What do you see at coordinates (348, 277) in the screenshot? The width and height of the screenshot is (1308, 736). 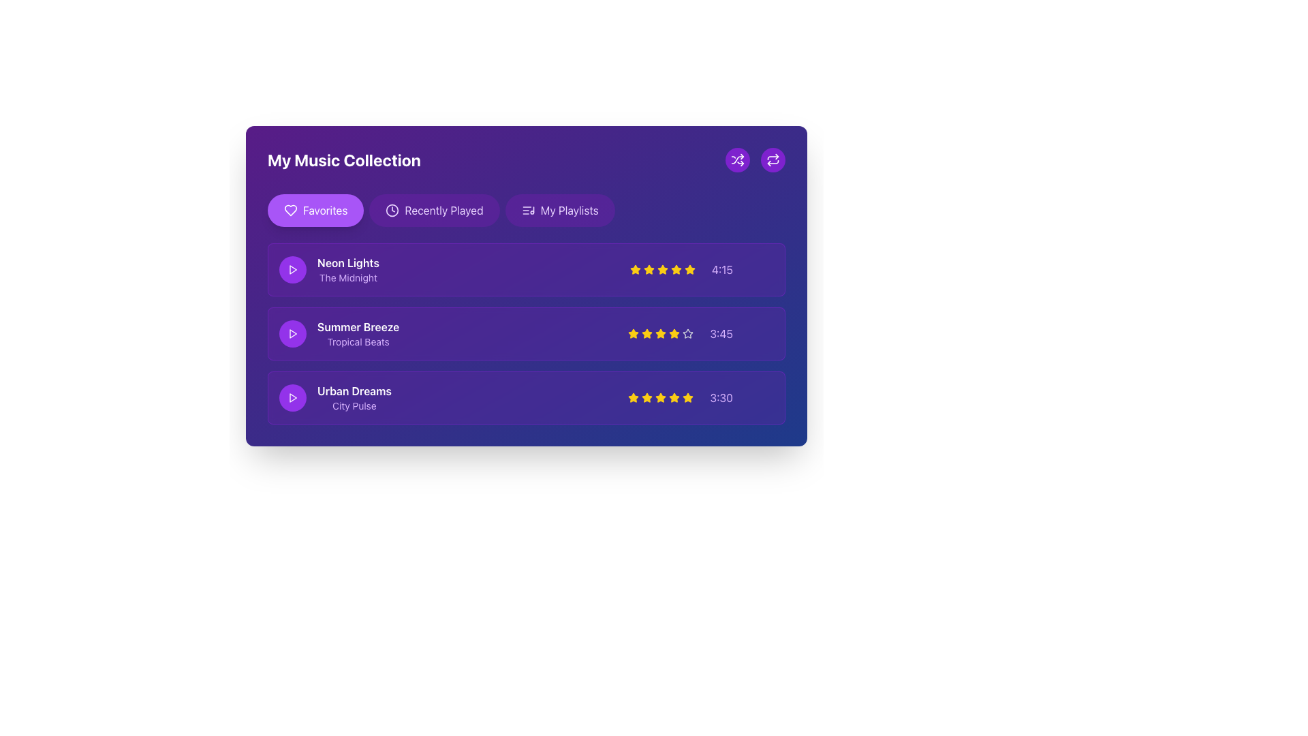 I see `the text label displaying 'The Midnight'` at bounding box center [348, 277].